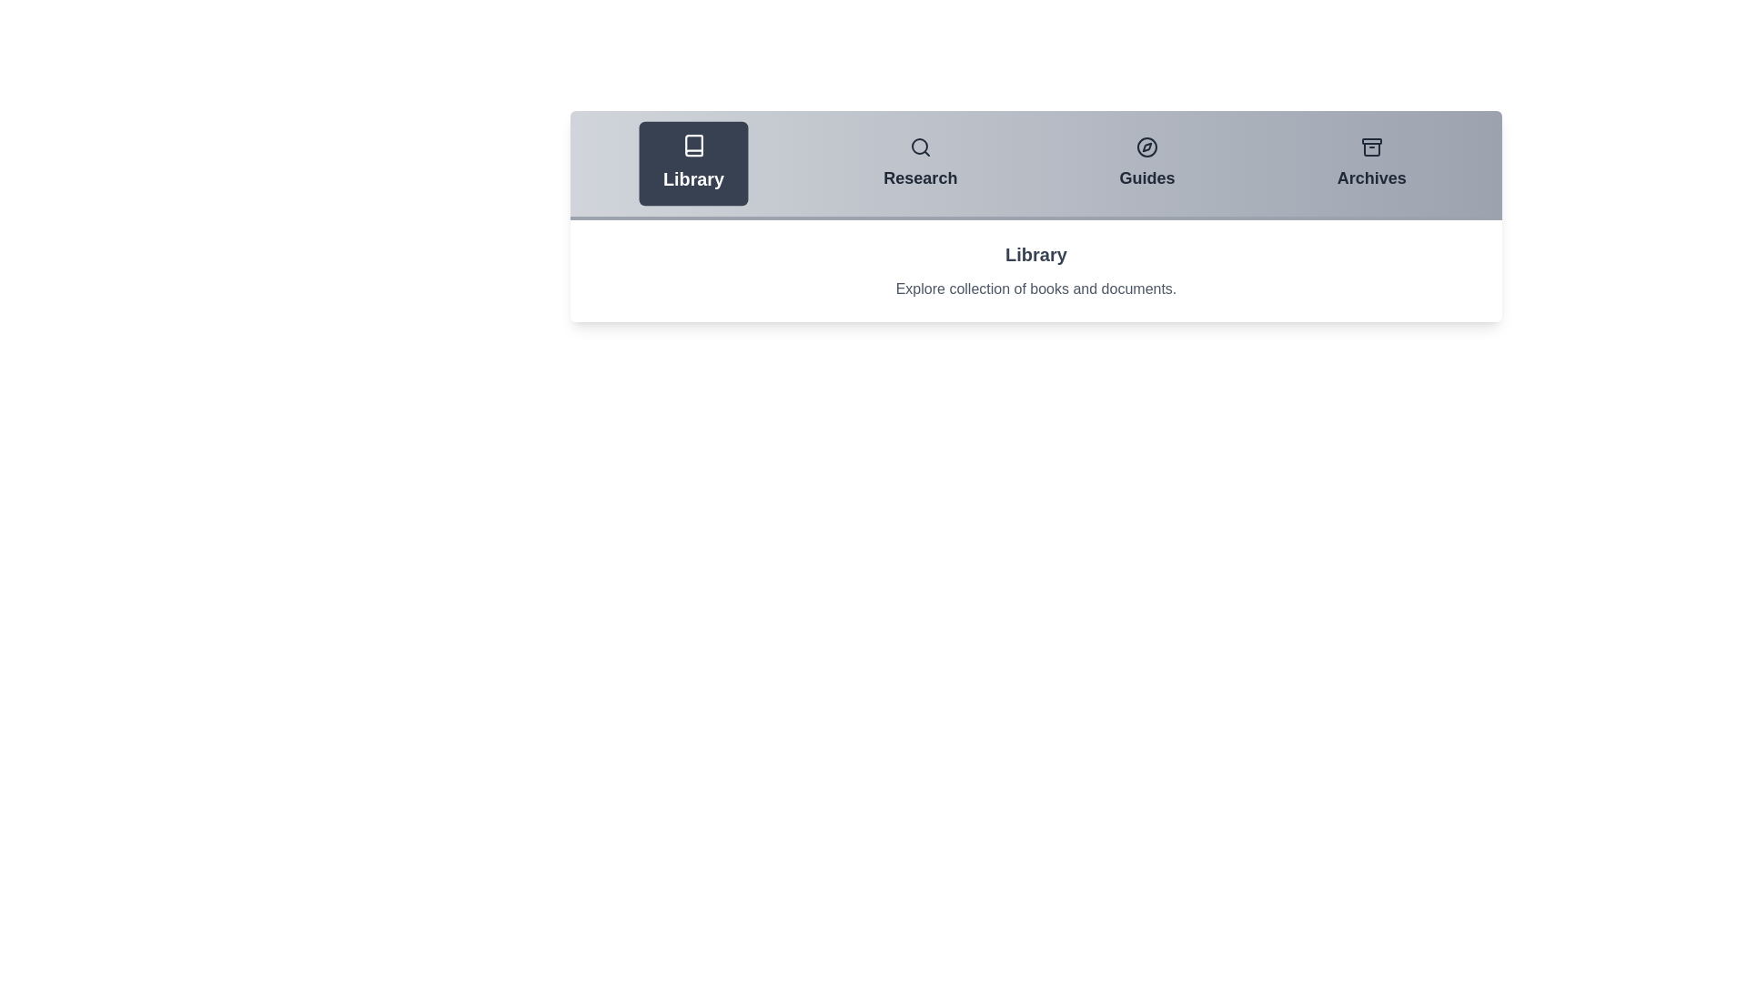  I want to click on the icons associated with each tab: Research, so click(920, 147).